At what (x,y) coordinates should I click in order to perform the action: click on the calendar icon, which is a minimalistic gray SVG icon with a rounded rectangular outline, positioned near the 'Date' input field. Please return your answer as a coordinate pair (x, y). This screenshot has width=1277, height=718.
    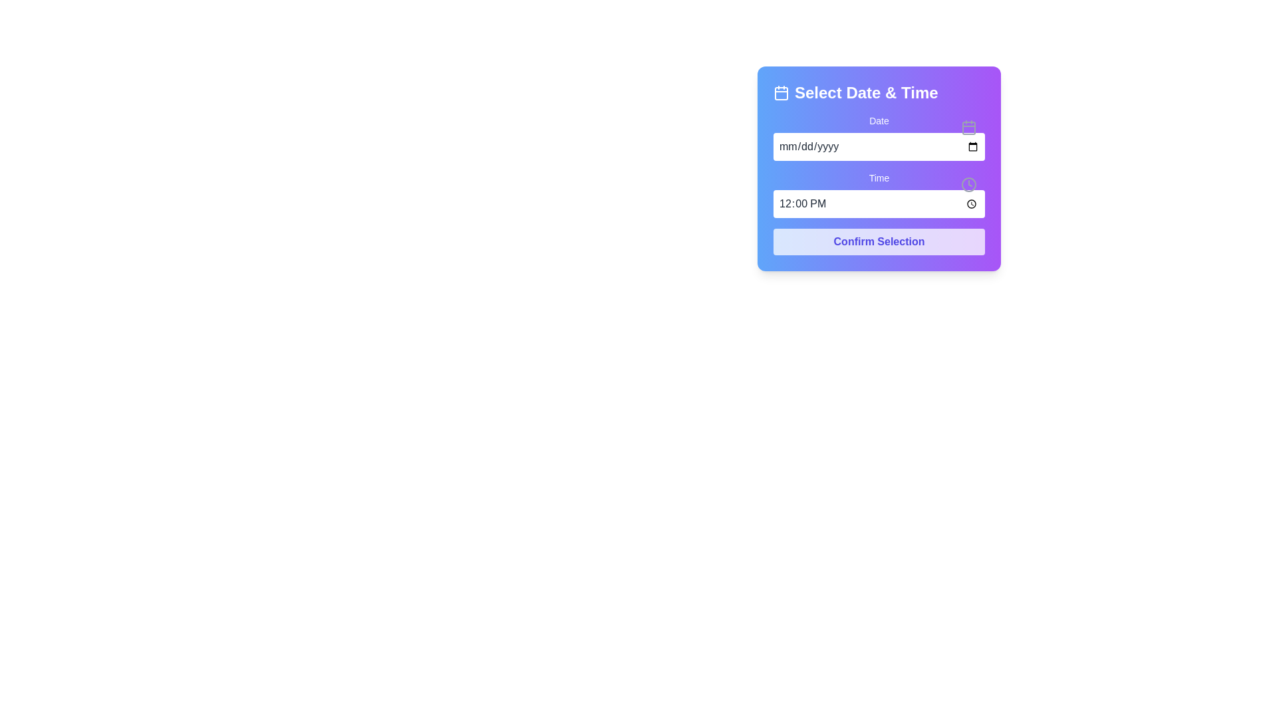
    Looking at the image, I should click on (969, 128).